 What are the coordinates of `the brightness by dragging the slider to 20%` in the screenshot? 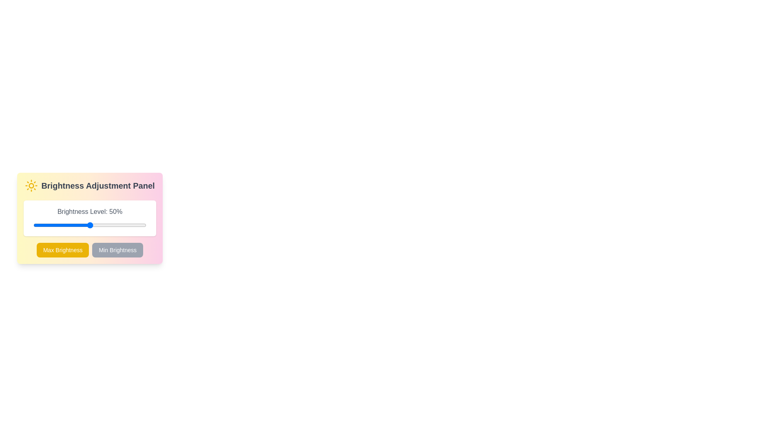 It's located at (55, 225).